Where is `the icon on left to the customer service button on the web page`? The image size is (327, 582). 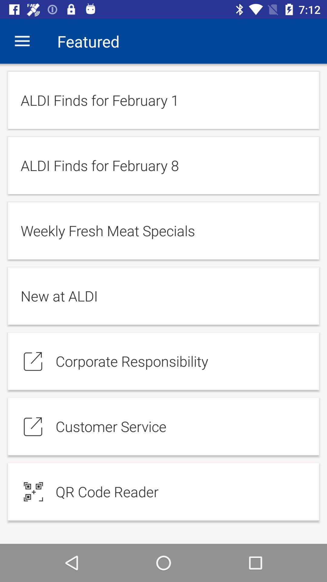
the icon on left to the customer service button on the web page is located at coordinates (33, 426).